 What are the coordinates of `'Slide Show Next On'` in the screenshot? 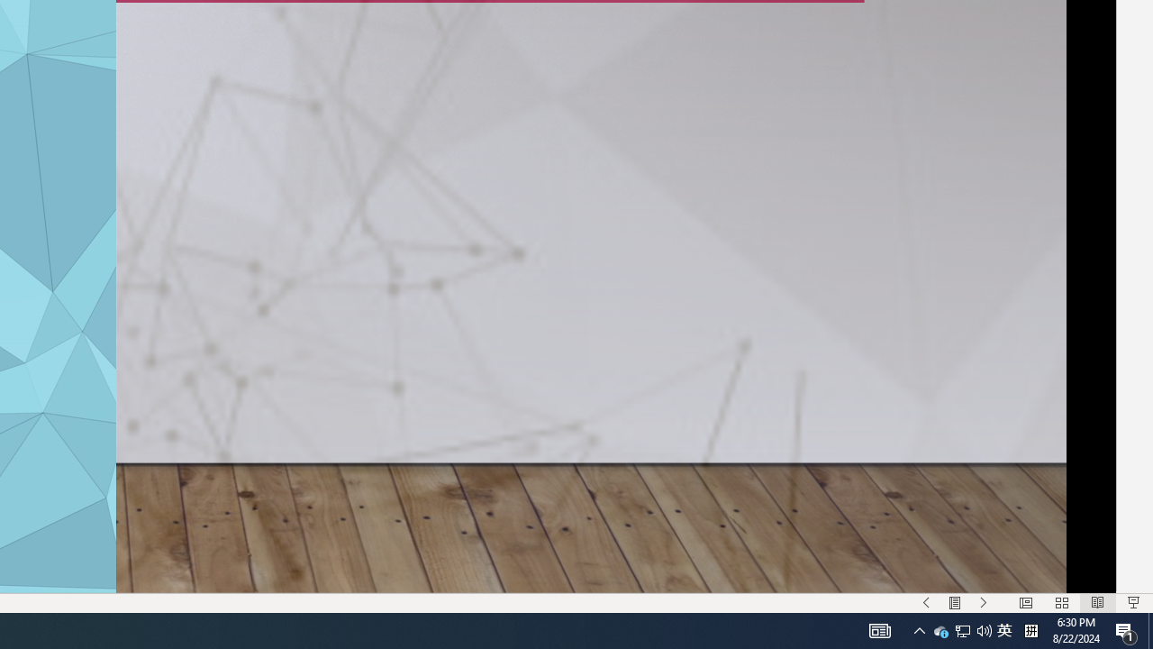 It's located at (983, 603).